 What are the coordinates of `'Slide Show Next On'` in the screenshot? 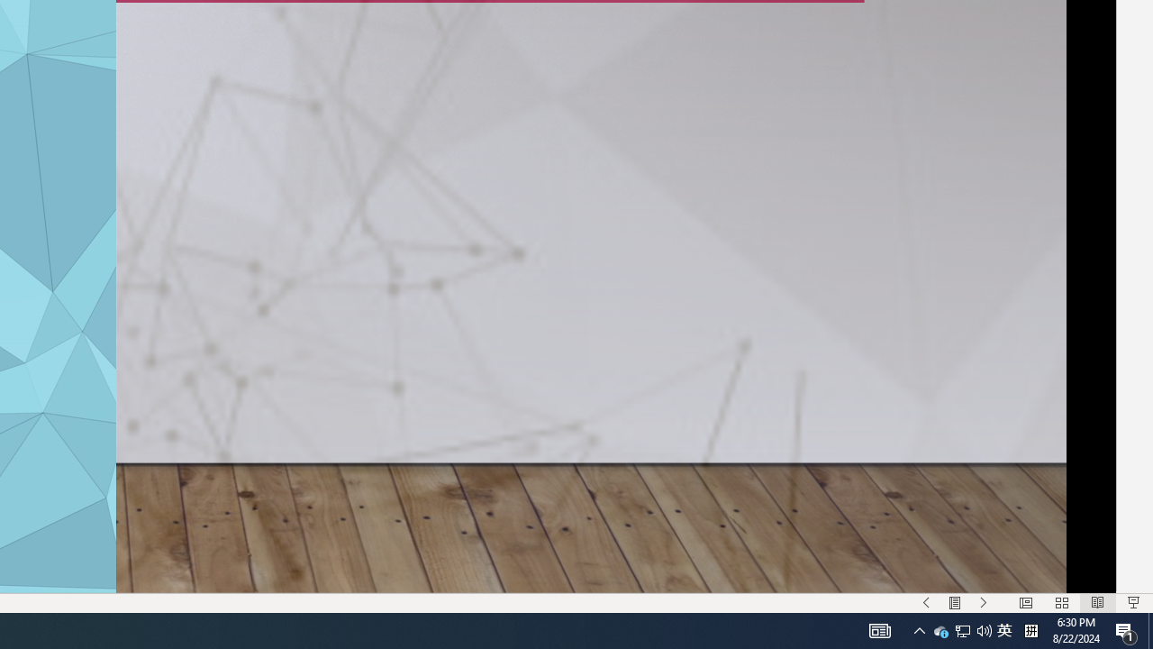 It's located at (983, 603).